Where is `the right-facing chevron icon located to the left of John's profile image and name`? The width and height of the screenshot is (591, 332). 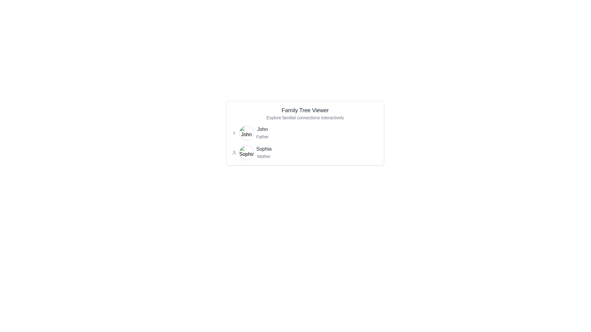
the right-facing chevron icon located to the left of John's profile image and name is located at coordinates (234, 132).